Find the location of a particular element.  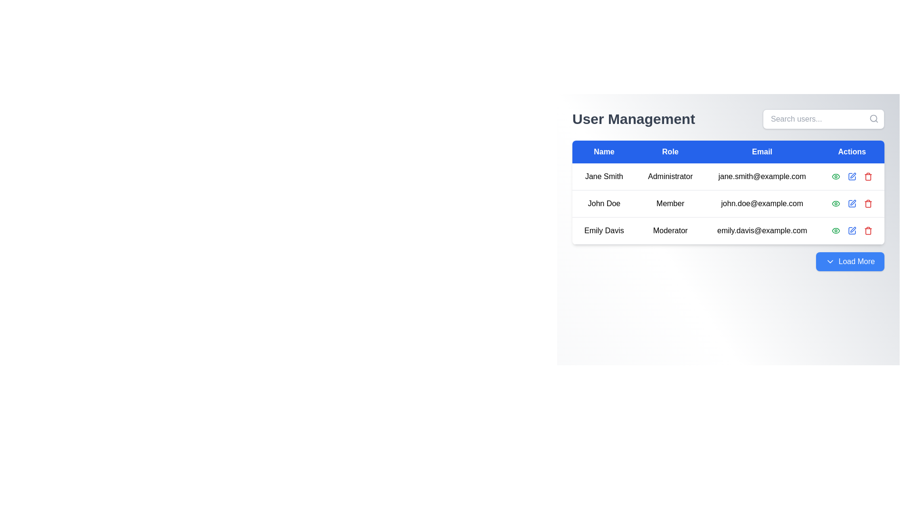

the pen icon in the Actions column of the user management table for user 'Emily Davis' is located at coordinates (853, 229).